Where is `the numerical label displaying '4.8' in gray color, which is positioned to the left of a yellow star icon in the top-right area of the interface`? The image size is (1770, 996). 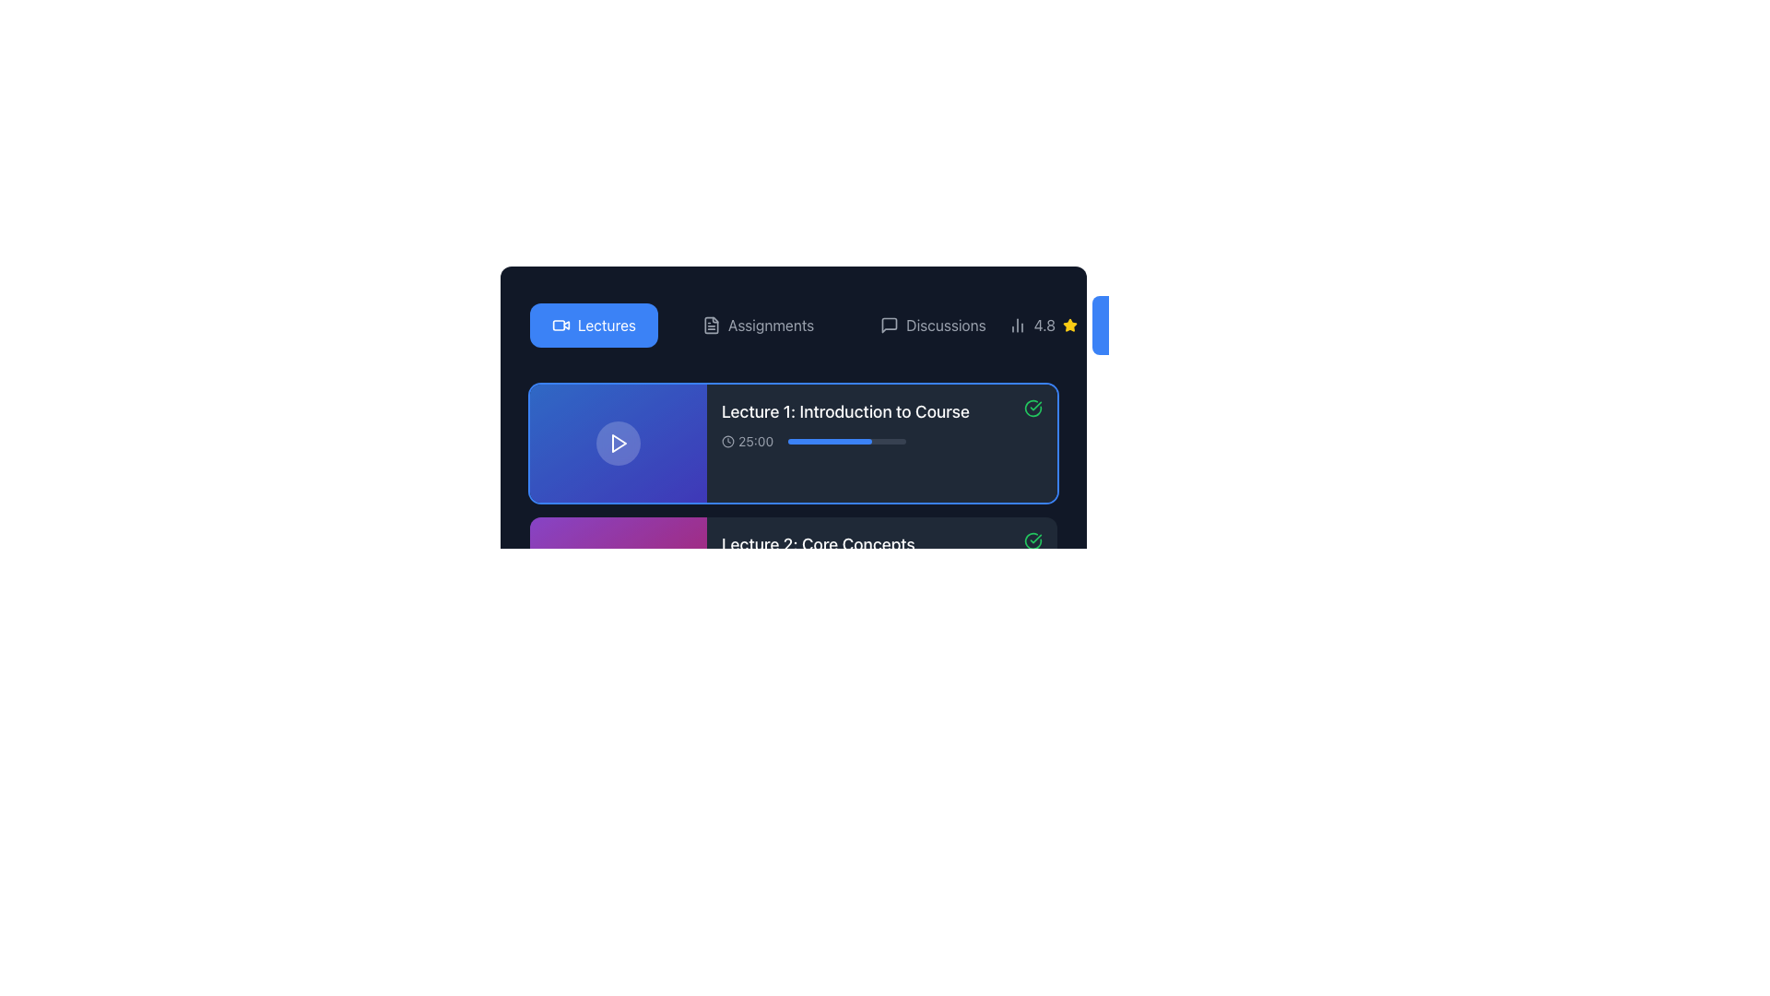 the numerical label displaying '4.8' in gray color, which is positioned to the left of a yellow star icon in the top-right area of the interface is located at coordinates (1044, 325).